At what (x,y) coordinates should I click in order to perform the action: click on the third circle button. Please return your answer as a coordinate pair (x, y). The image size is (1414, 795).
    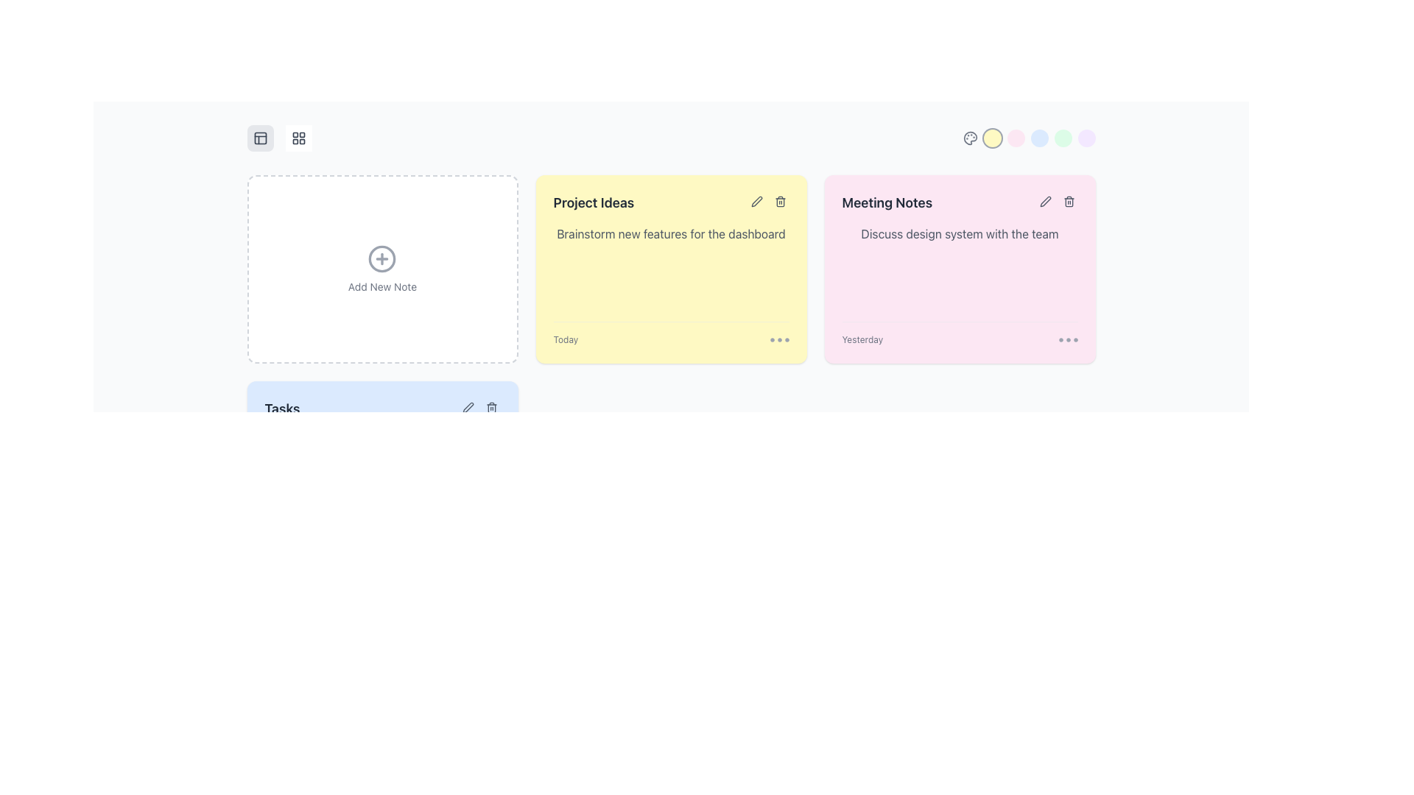
    Looking at the image, I should click on (1015, 138).